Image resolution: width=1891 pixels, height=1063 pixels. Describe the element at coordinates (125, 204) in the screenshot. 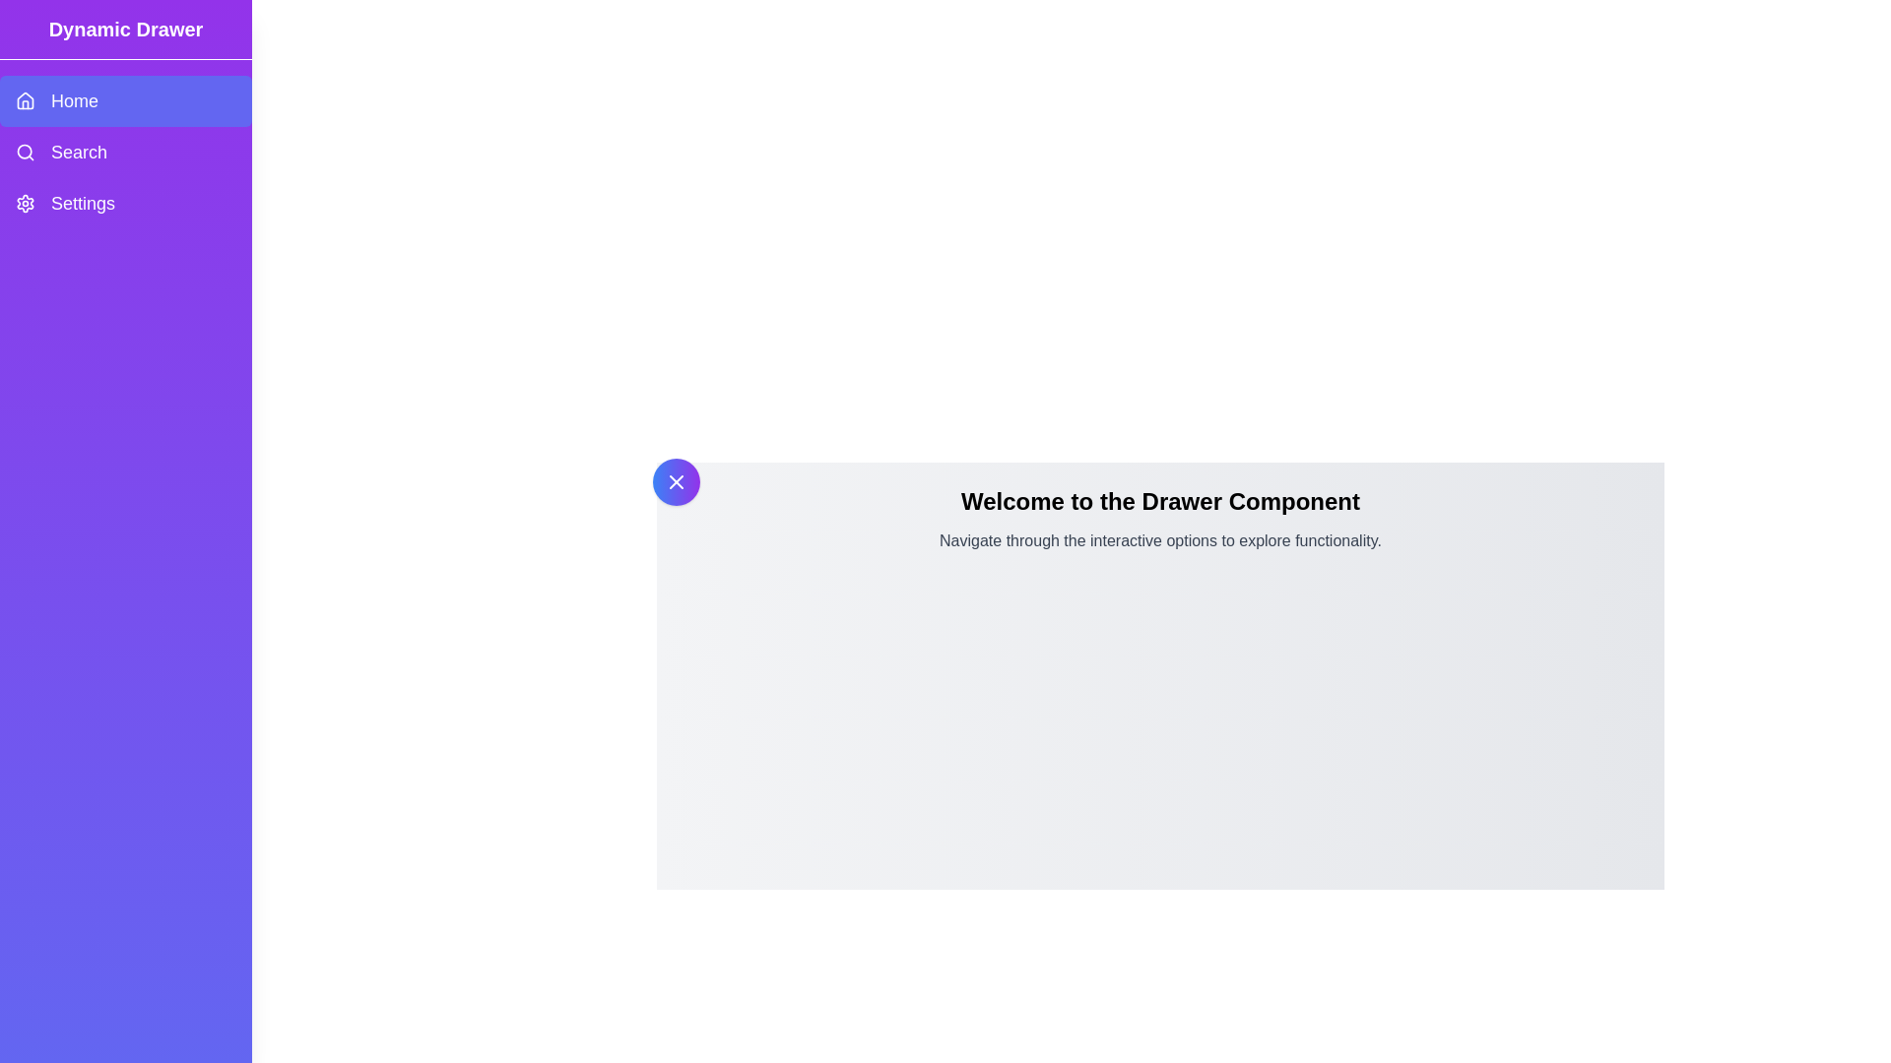

I see `the menu item Settings` at that location.